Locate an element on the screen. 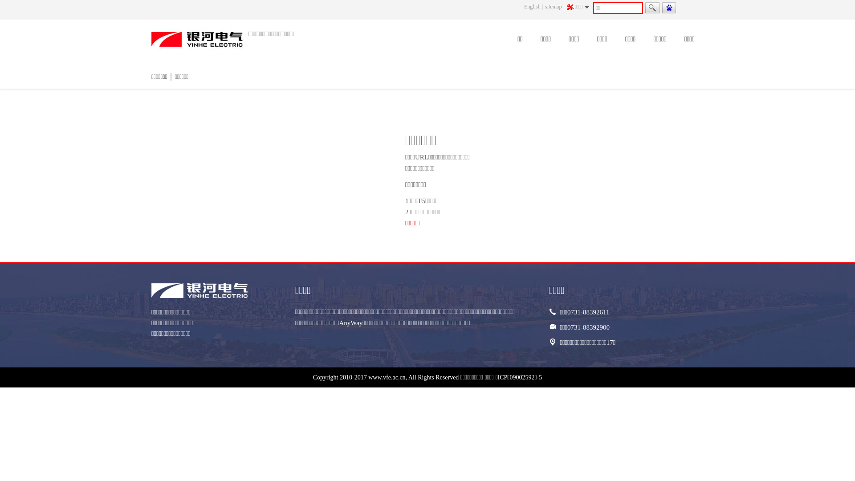 The image size is (855, 481). 'sitemap' is located at coordinates (553, 7).